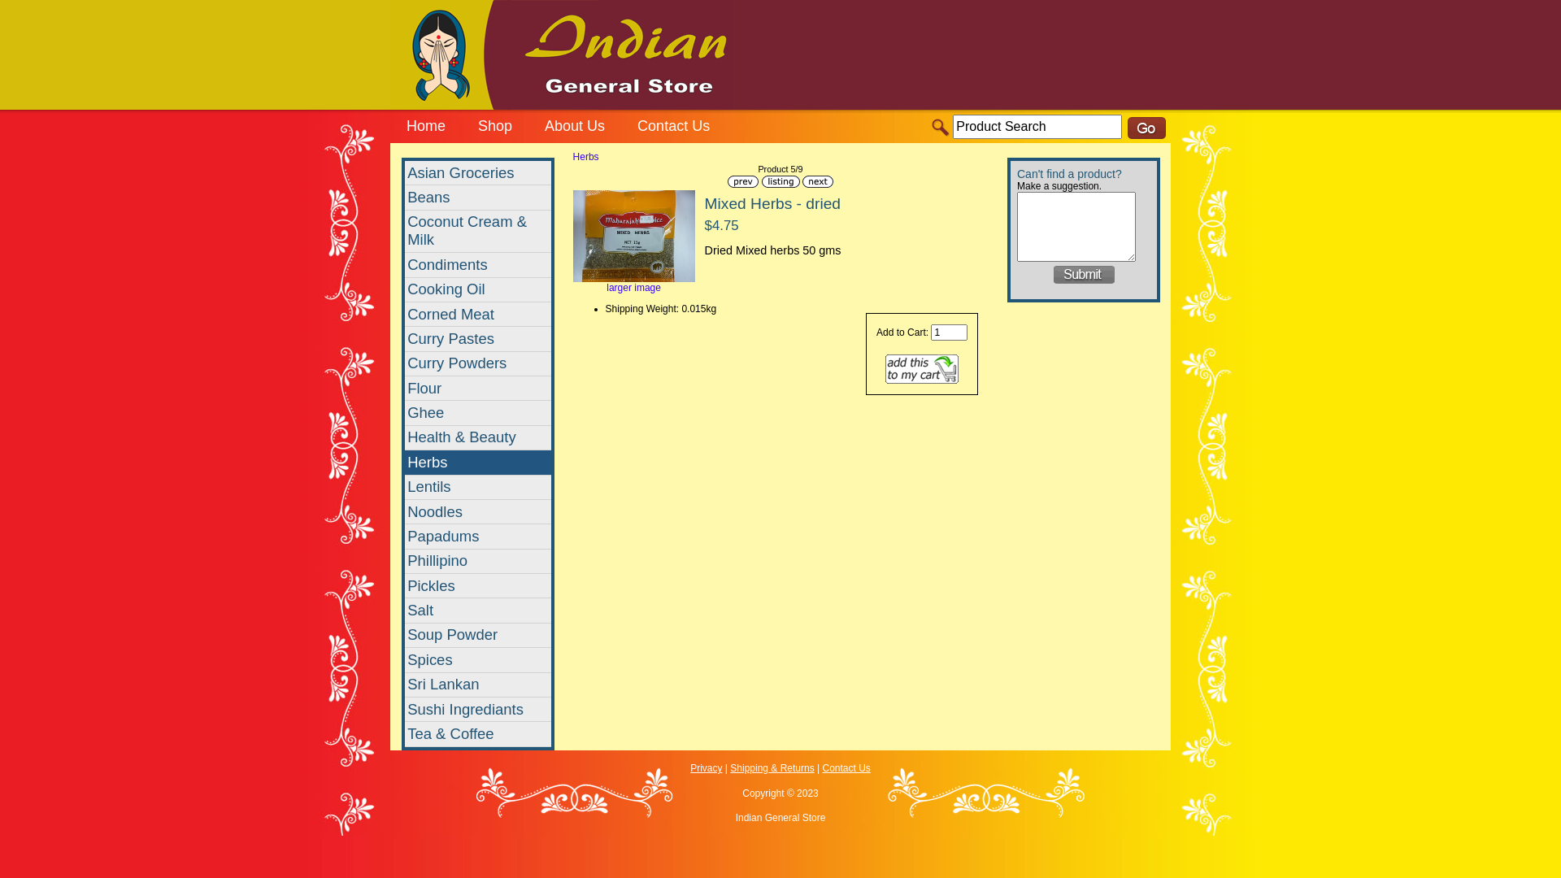 The width and height of the screenshot is (1561, 878). I want to click on 'larger image', so click(633, 282).